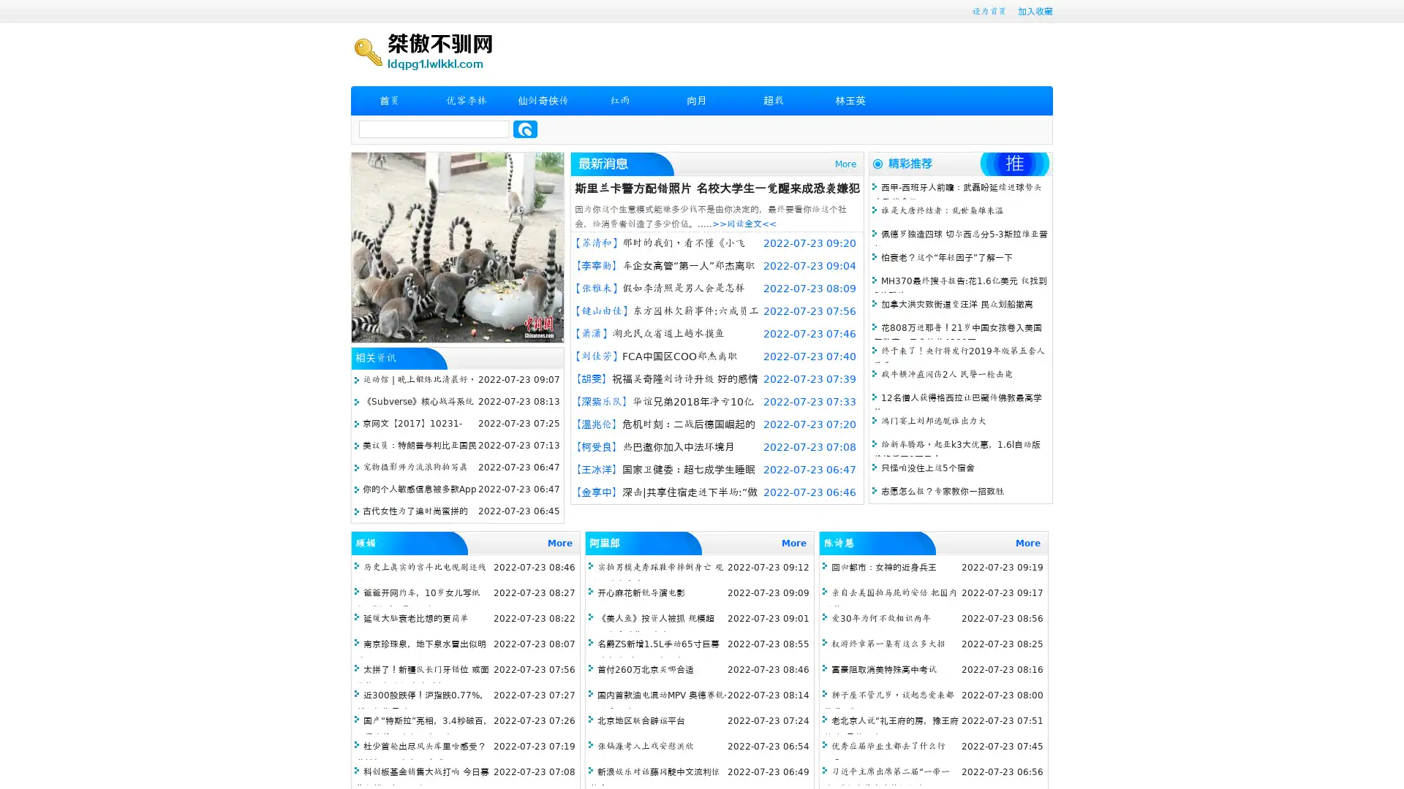 Image resolution: width=1404 pixels, height=789 pixels. Describe the element at coordinates (525, 129) in the screenshot. I see `Search` at that location.